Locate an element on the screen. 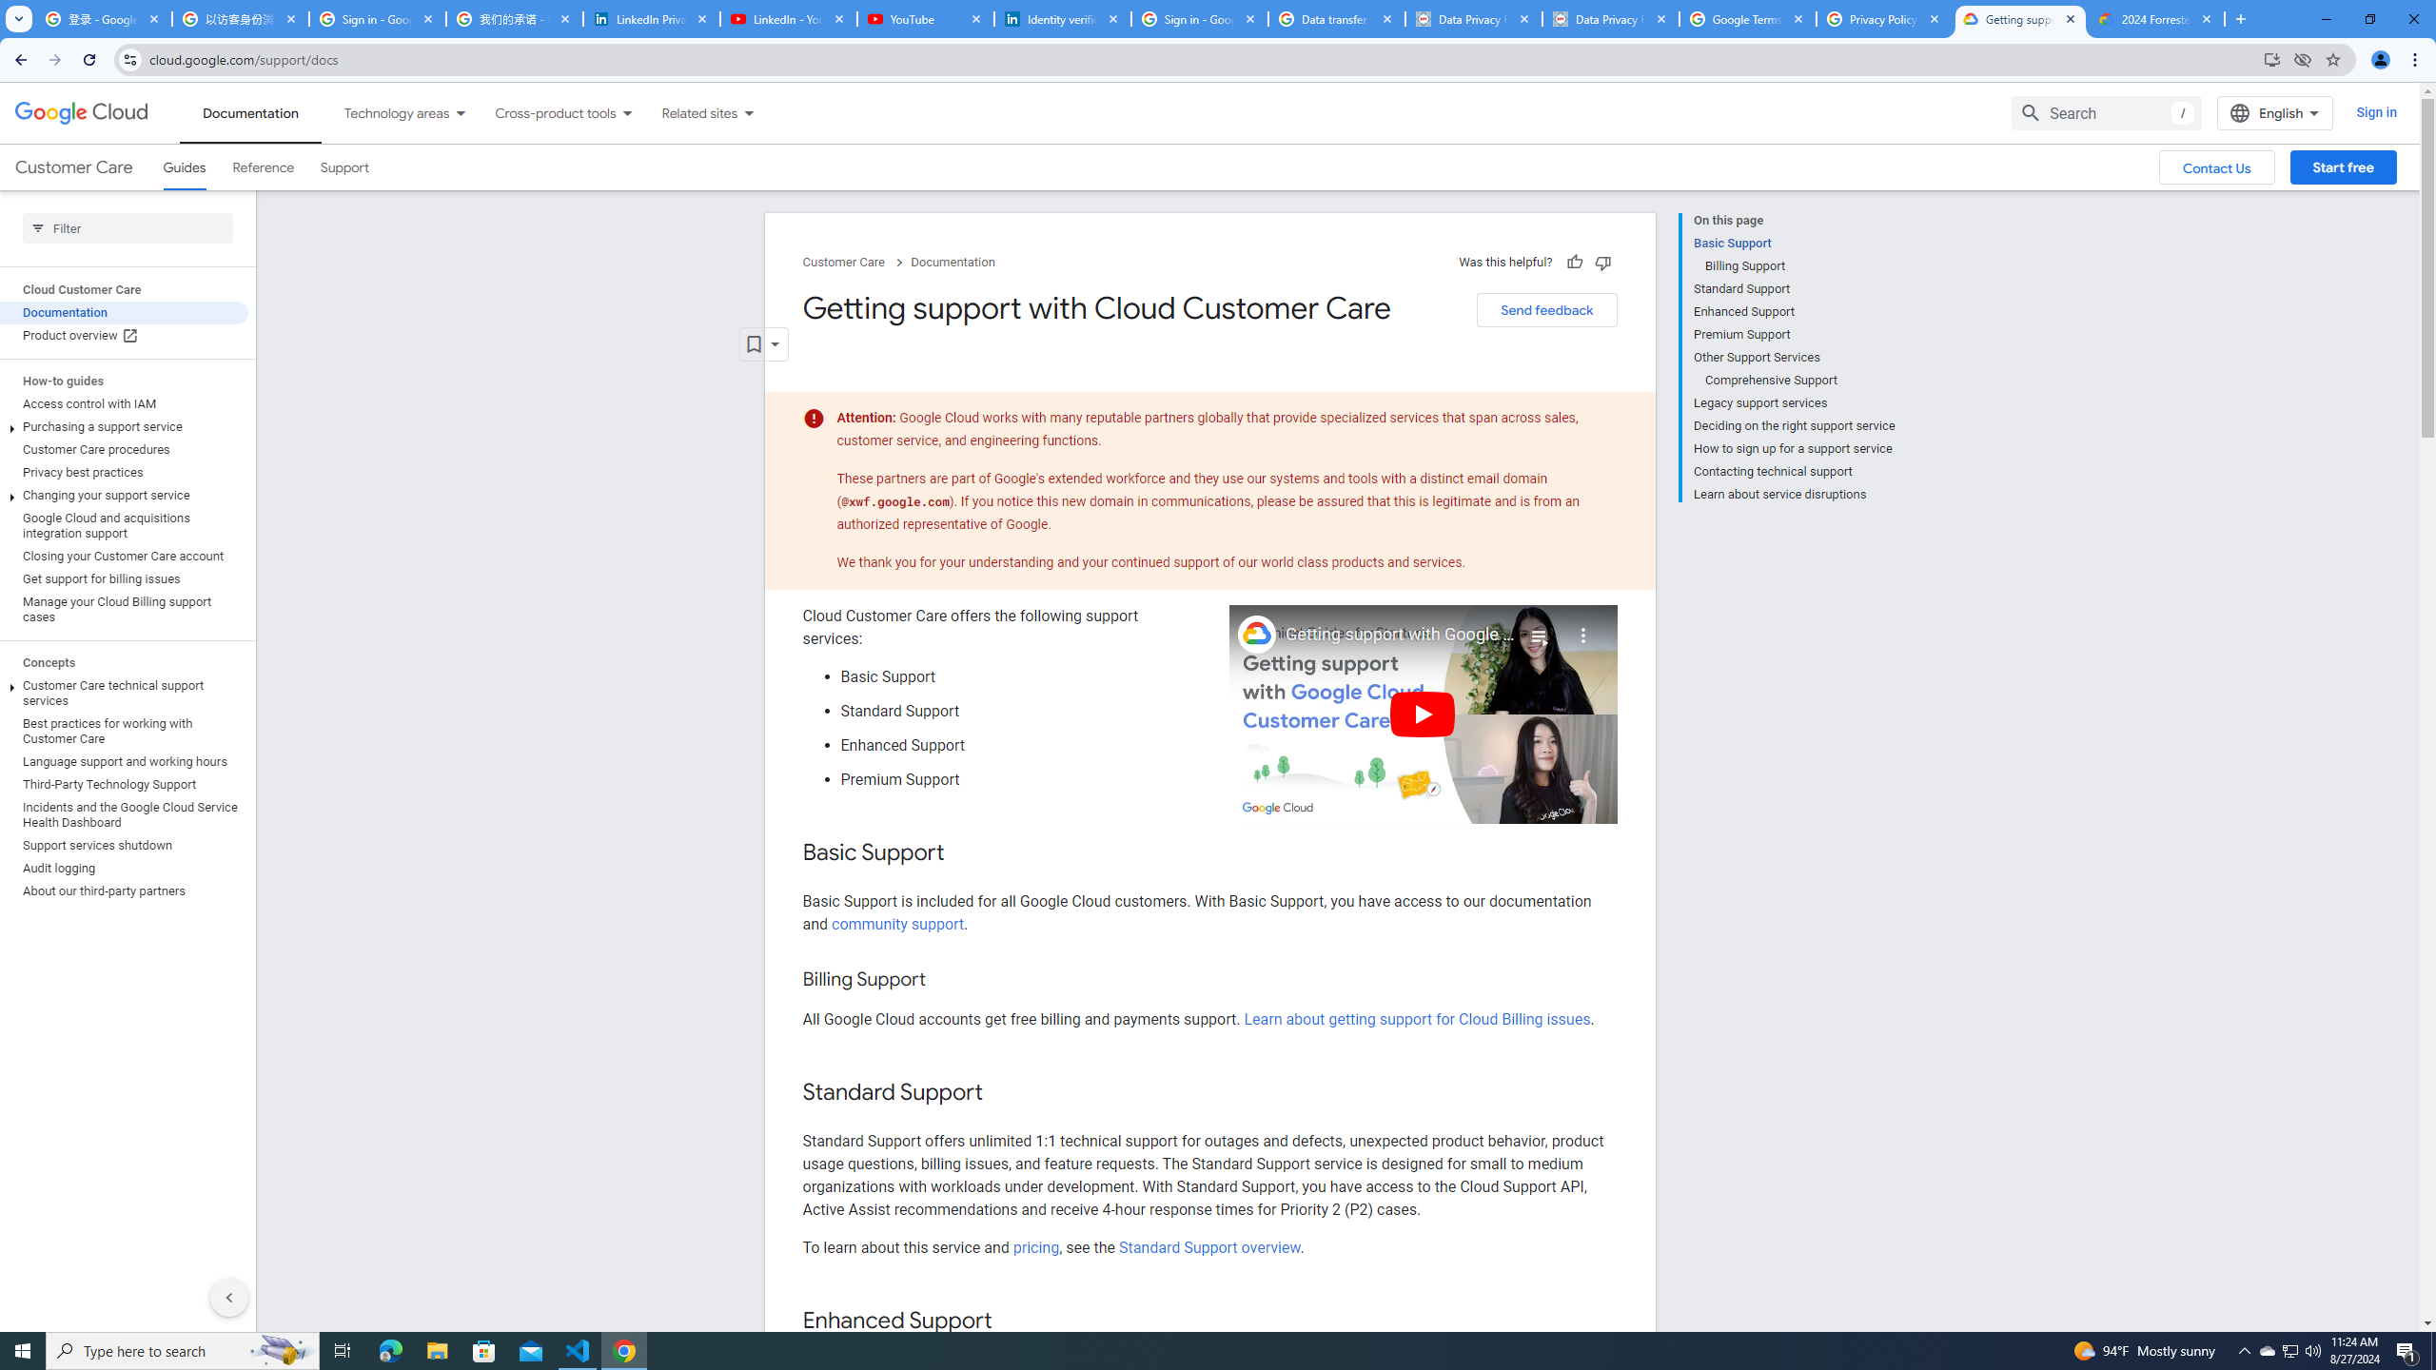  'Hide side navigation' is located at coordinates (228, 1297).